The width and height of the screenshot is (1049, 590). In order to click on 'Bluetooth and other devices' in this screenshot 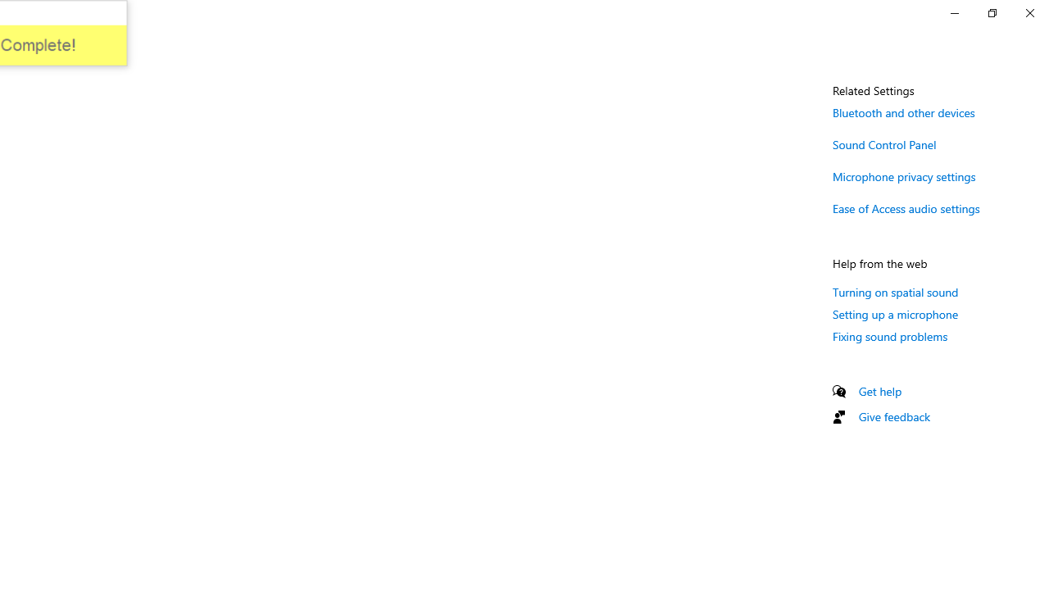, I will do `click(903, 111)`.